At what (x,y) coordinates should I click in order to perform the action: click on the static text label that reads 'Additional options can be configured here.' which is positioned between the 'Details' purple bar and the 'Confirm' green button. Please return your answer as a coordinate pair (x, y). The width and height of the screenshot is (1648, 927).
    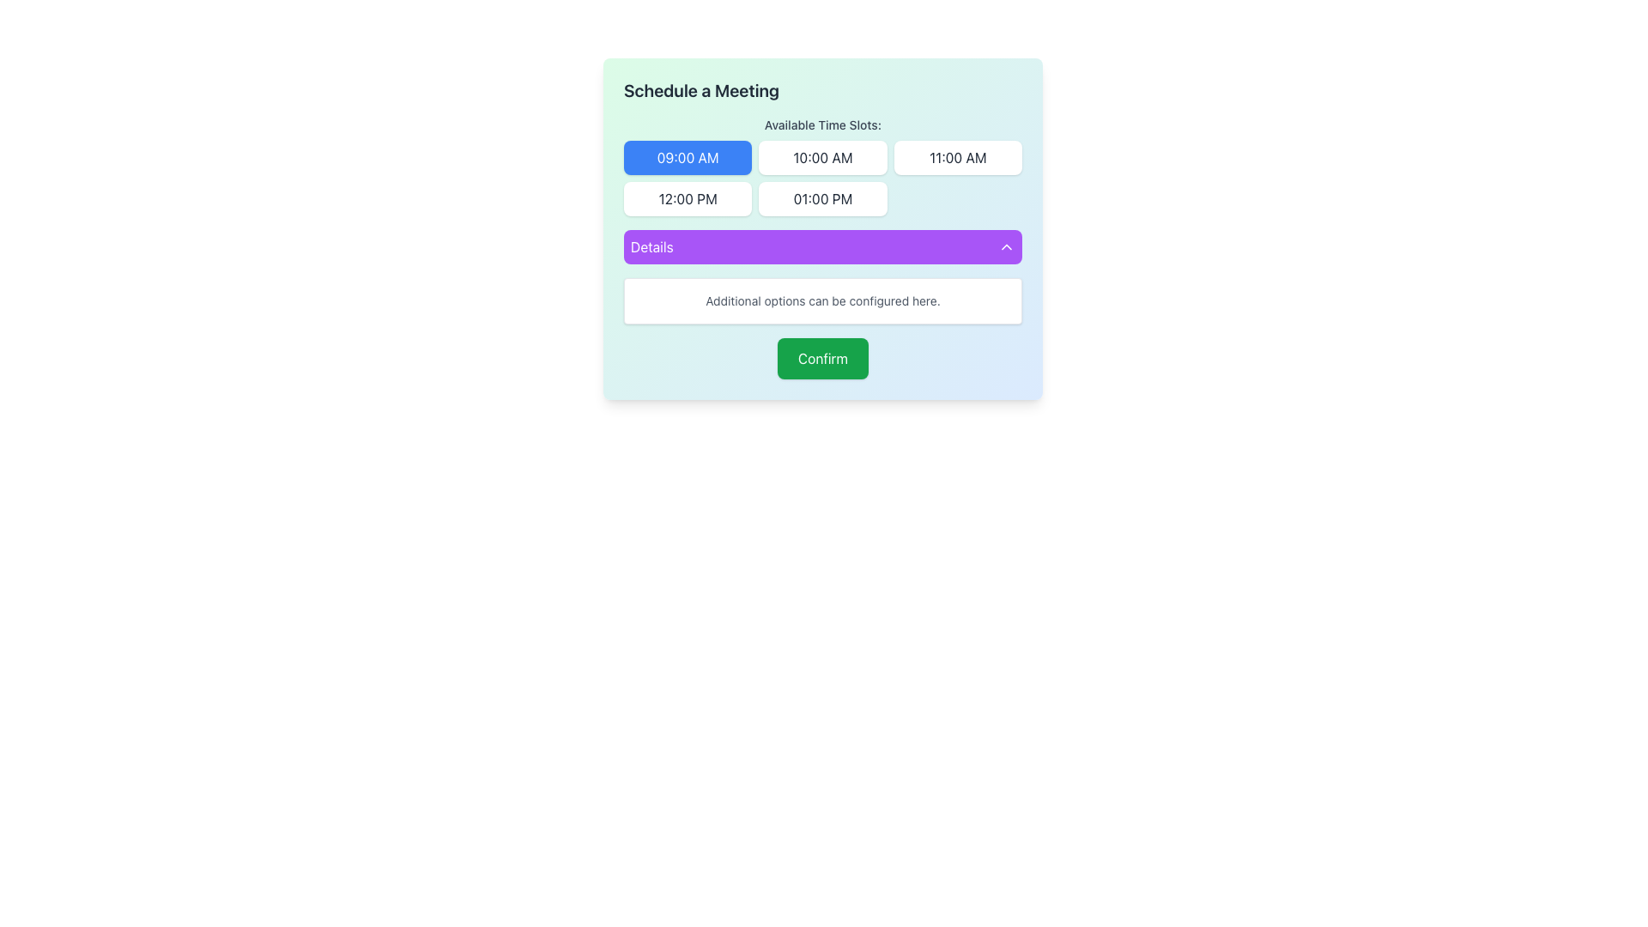
    Looking at the image, I should click on (822, 300).